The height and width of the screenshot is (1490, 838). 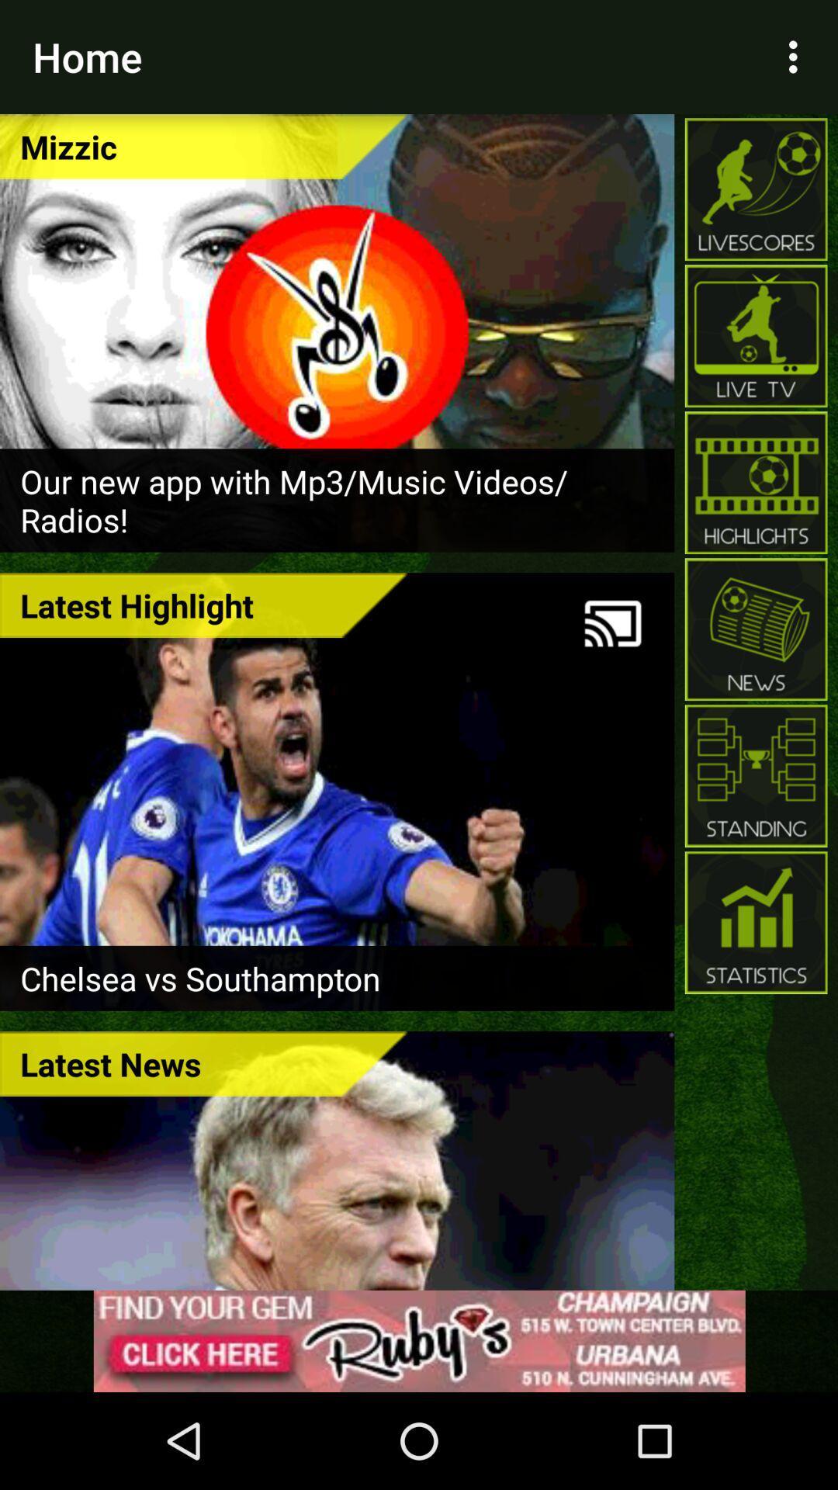 I want to click on the icon below home icon, so click(x=203, y=146).